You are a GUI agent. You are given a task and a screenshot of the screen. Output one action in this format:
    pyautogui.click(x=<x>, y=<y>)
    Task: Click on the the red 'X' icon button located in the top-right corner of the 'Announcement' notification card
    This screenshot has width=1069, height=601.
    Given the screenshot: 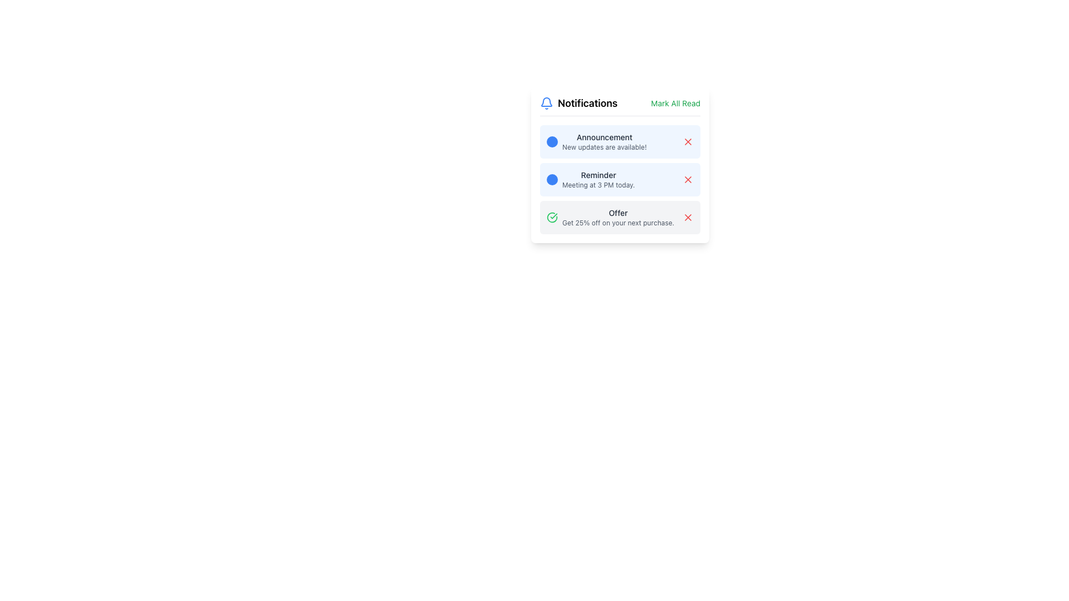 What is the action you would take?
    pyautogui.click(x=688, y=141)
    